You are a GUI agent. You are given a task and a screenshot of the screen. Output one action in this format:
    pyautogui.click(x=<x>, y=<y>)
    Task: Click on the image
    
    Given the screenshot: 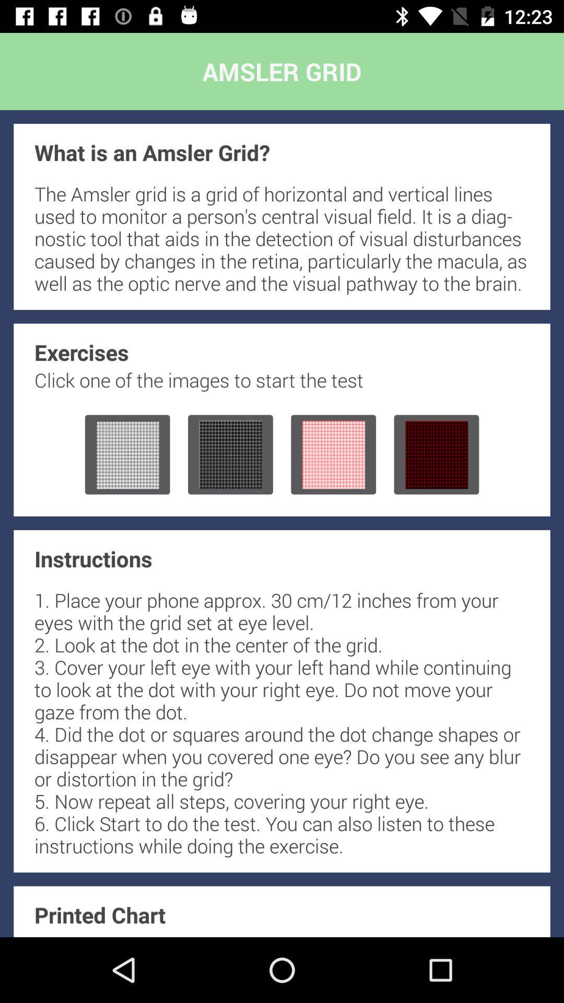 What is the action you would take?
    pyautogui.click(x=127, y=454)
    